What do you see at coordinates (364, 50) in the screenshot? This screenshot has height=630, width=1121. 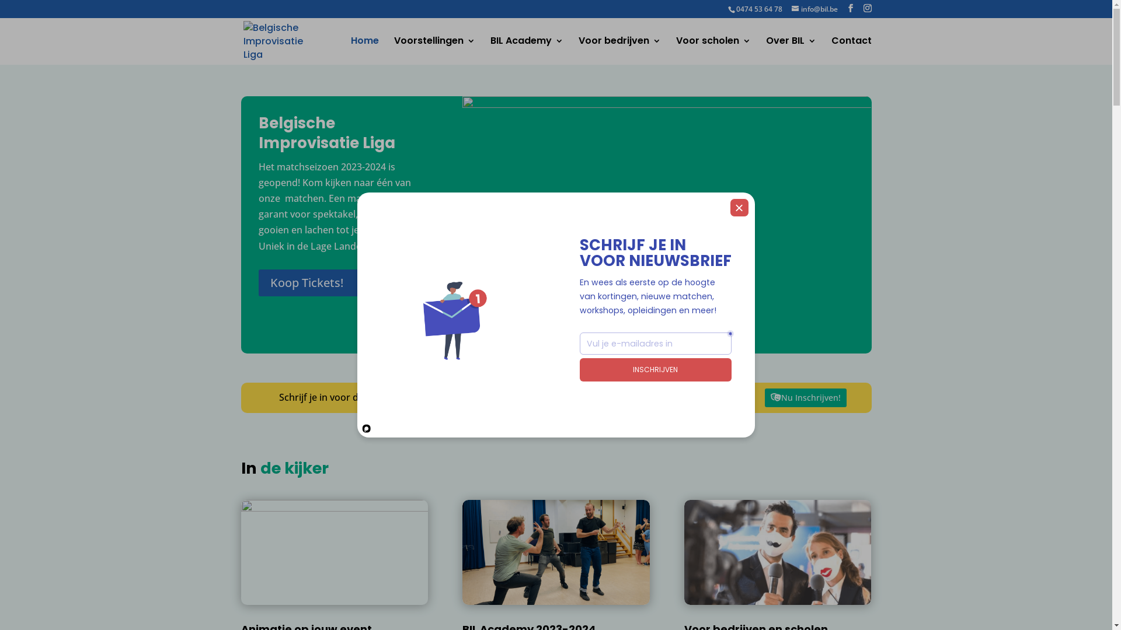 I see `'Home'` at bounding box center [364, 50].